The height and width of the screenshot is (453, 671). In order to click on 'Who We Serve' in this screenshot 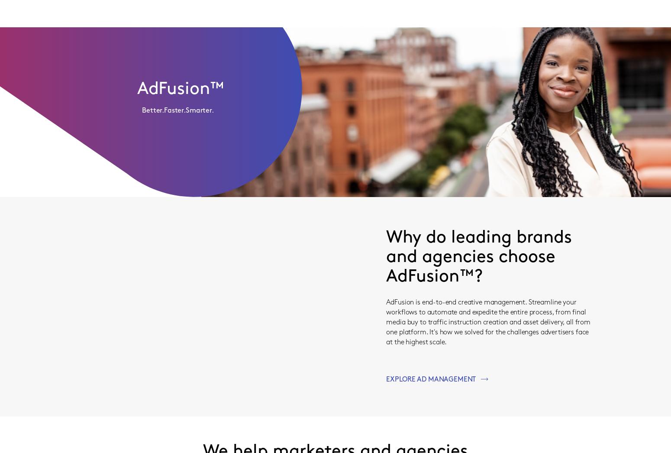, I will do `click(240, 13)`.